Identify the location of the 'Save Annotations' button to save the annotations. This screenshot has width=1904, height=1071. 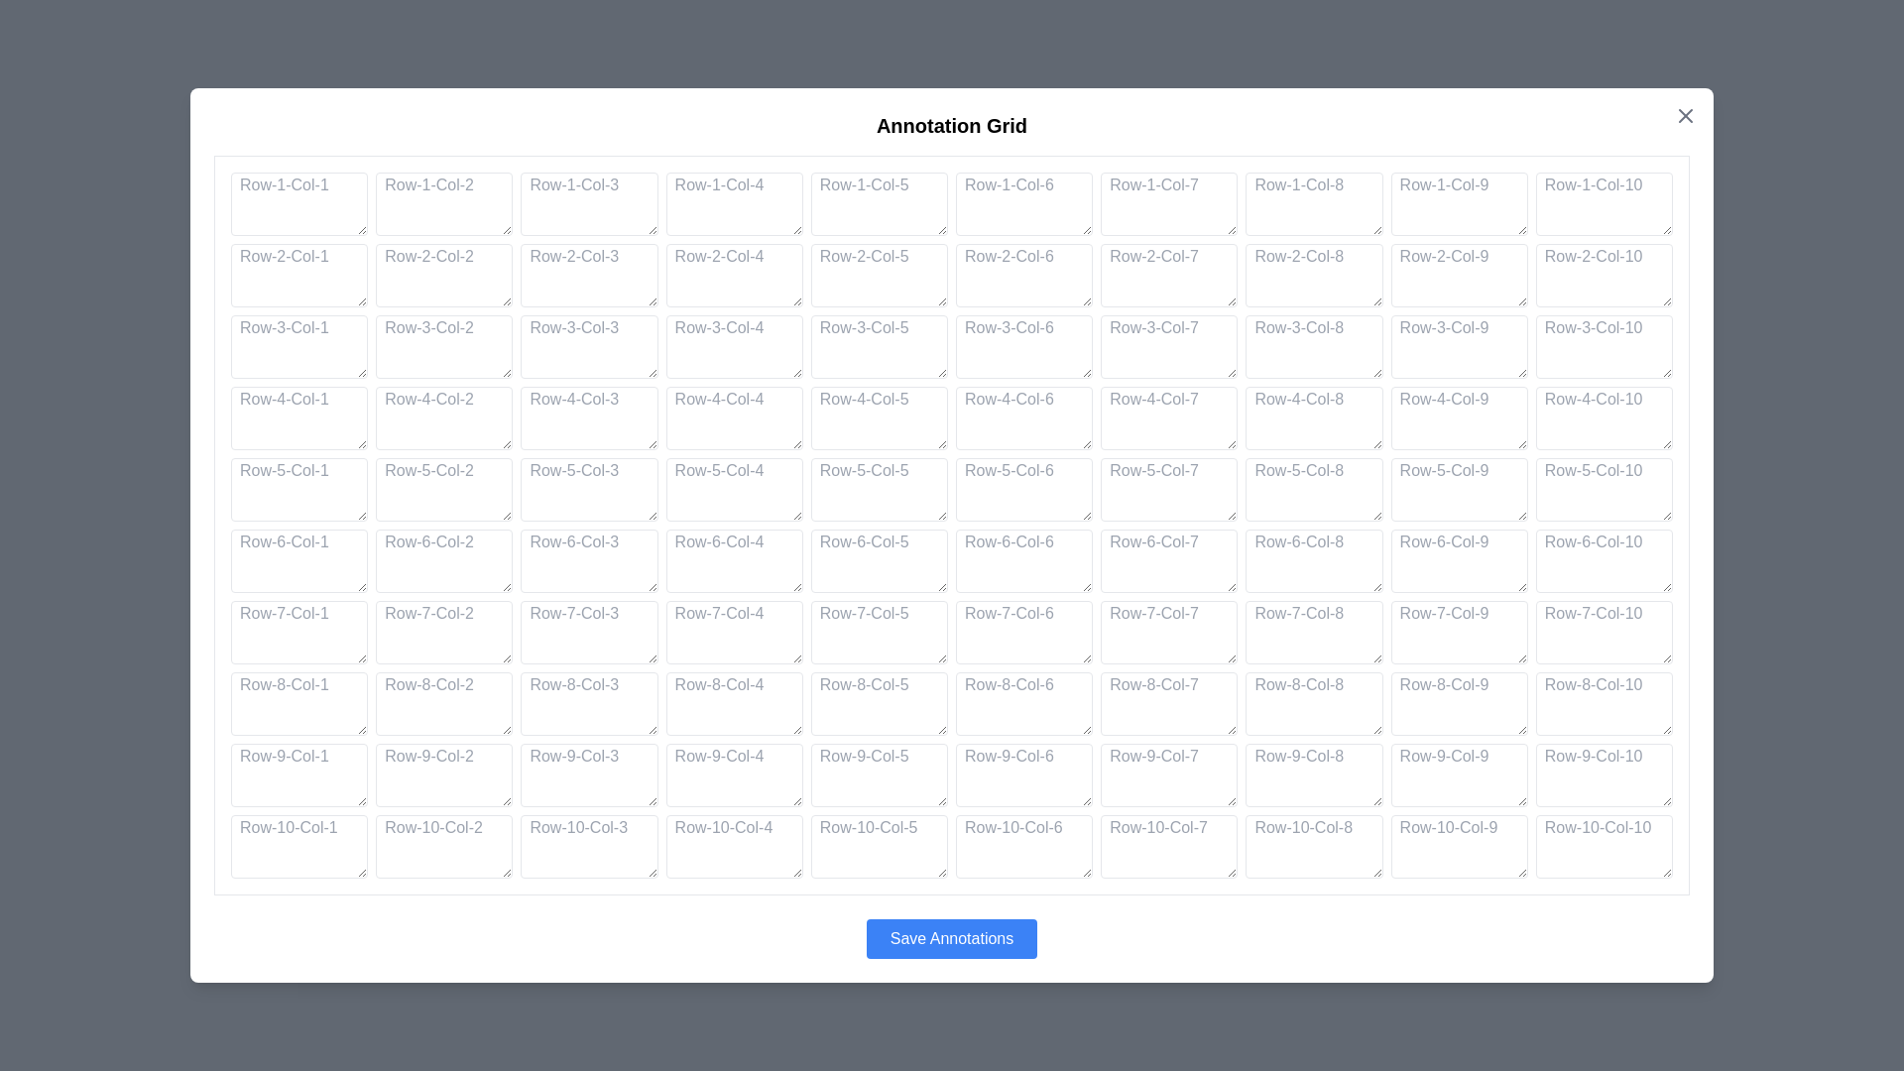
(952, 938).